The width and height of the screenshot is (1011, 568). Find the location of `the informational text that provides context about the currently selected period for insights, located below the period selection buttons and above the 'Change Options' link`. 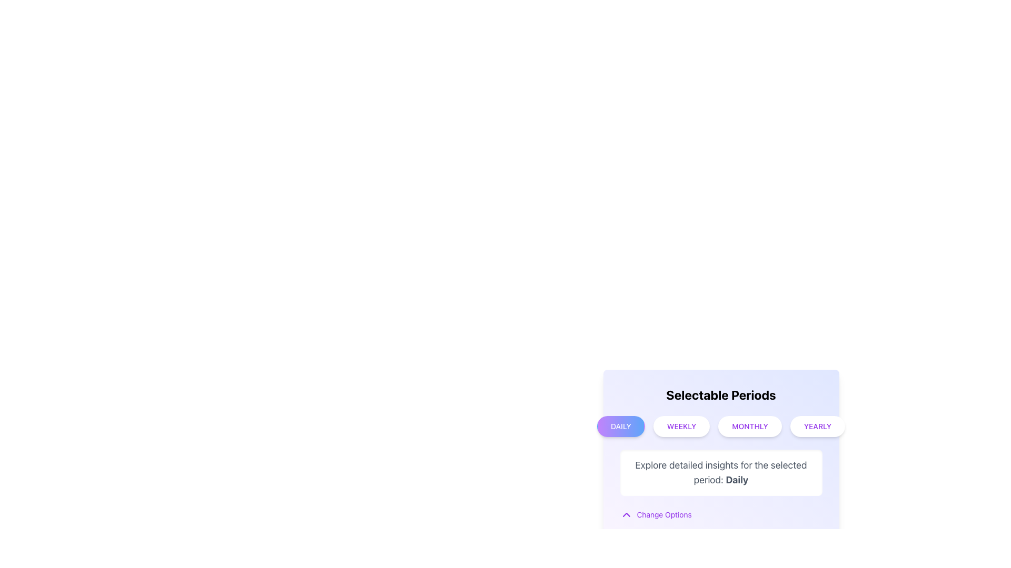

the informational text that provides context about the currently selected period for insights, located below the period selection buttons and above the 'Change Options' link is located at coordinates (720, 472).